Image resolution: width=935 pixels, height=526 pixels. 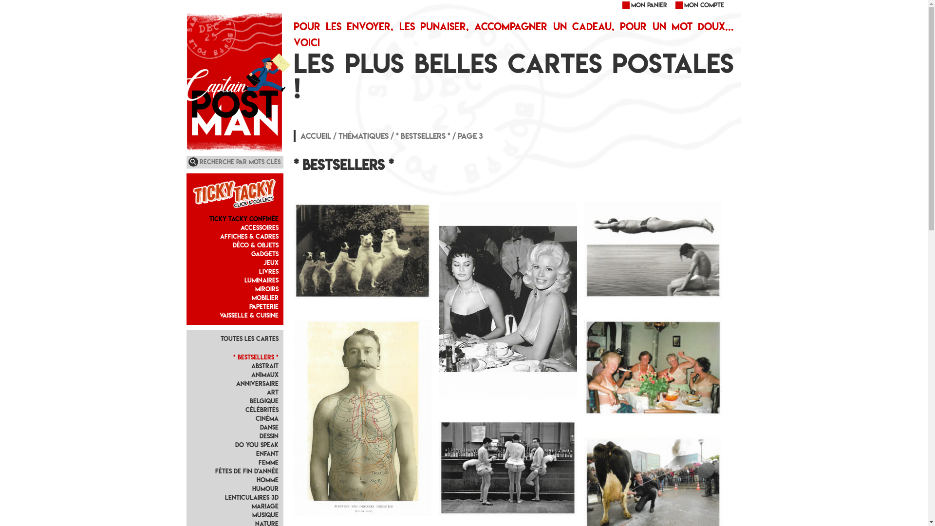 I want to click on 'Jeux', so click(x=271, y=262).